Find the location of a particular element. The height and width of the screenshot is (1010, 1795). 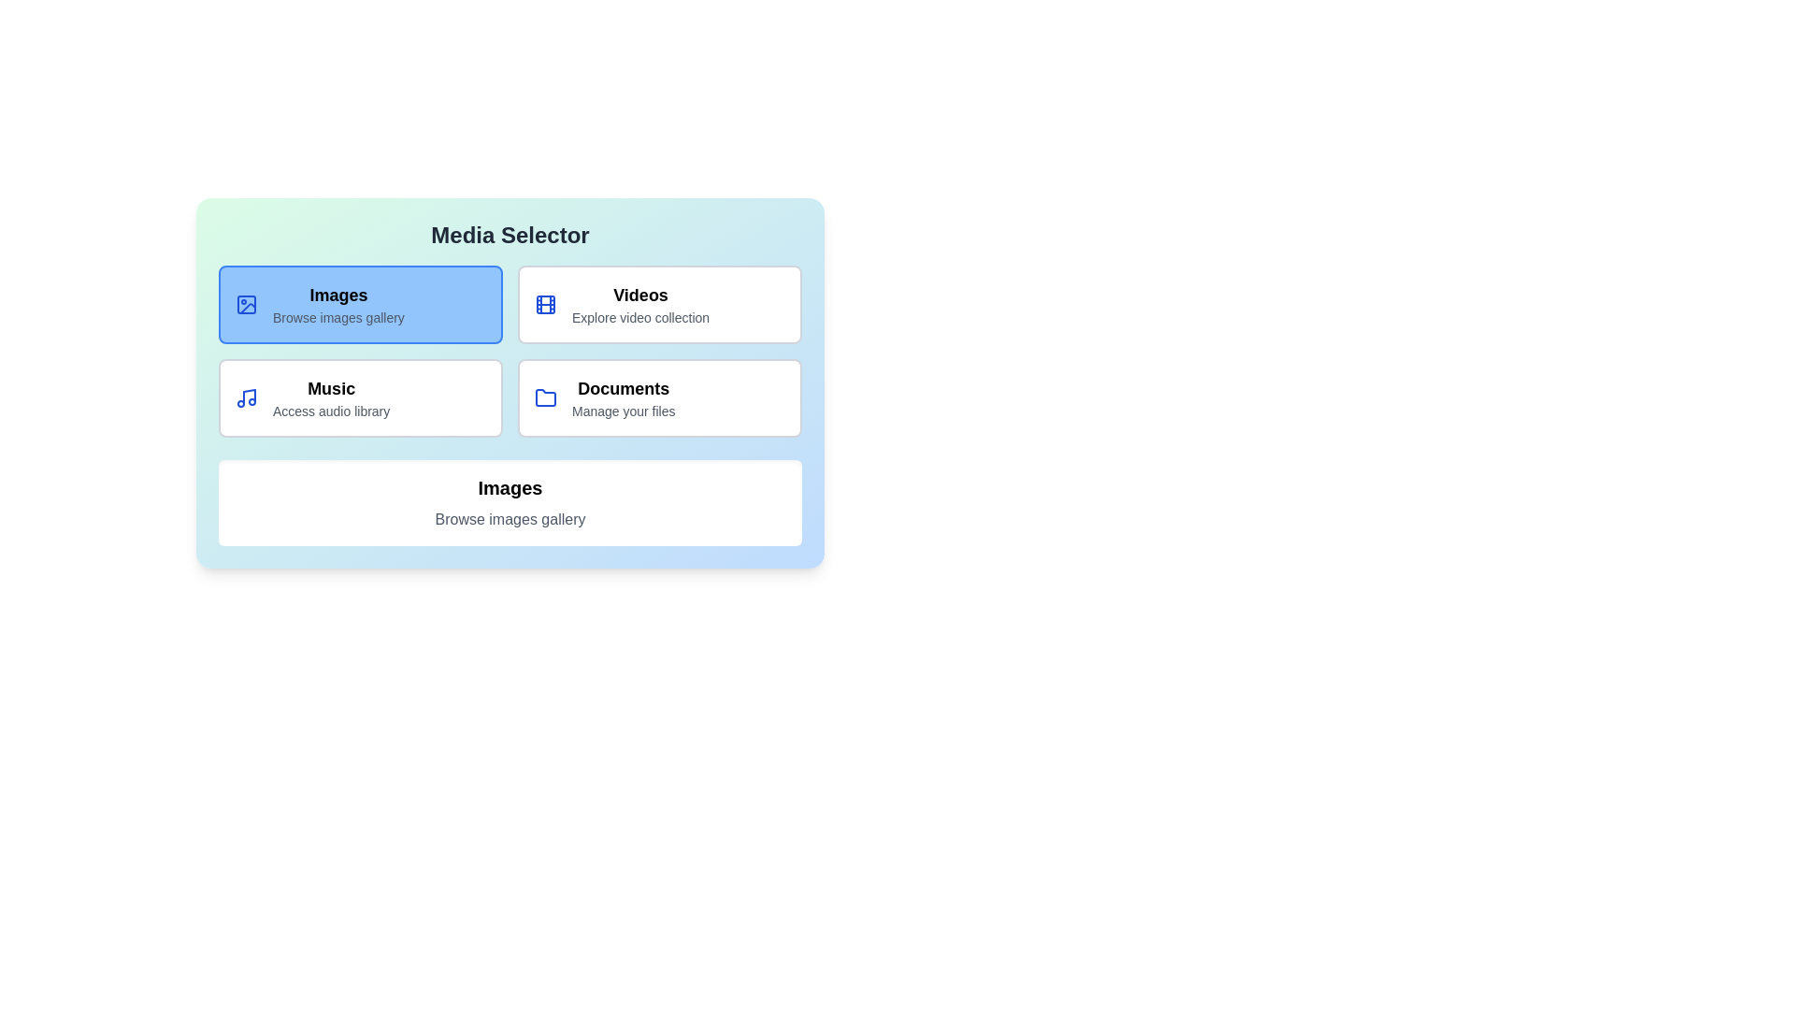

the media type Documents to view its description is located at coordinates (659, 397).